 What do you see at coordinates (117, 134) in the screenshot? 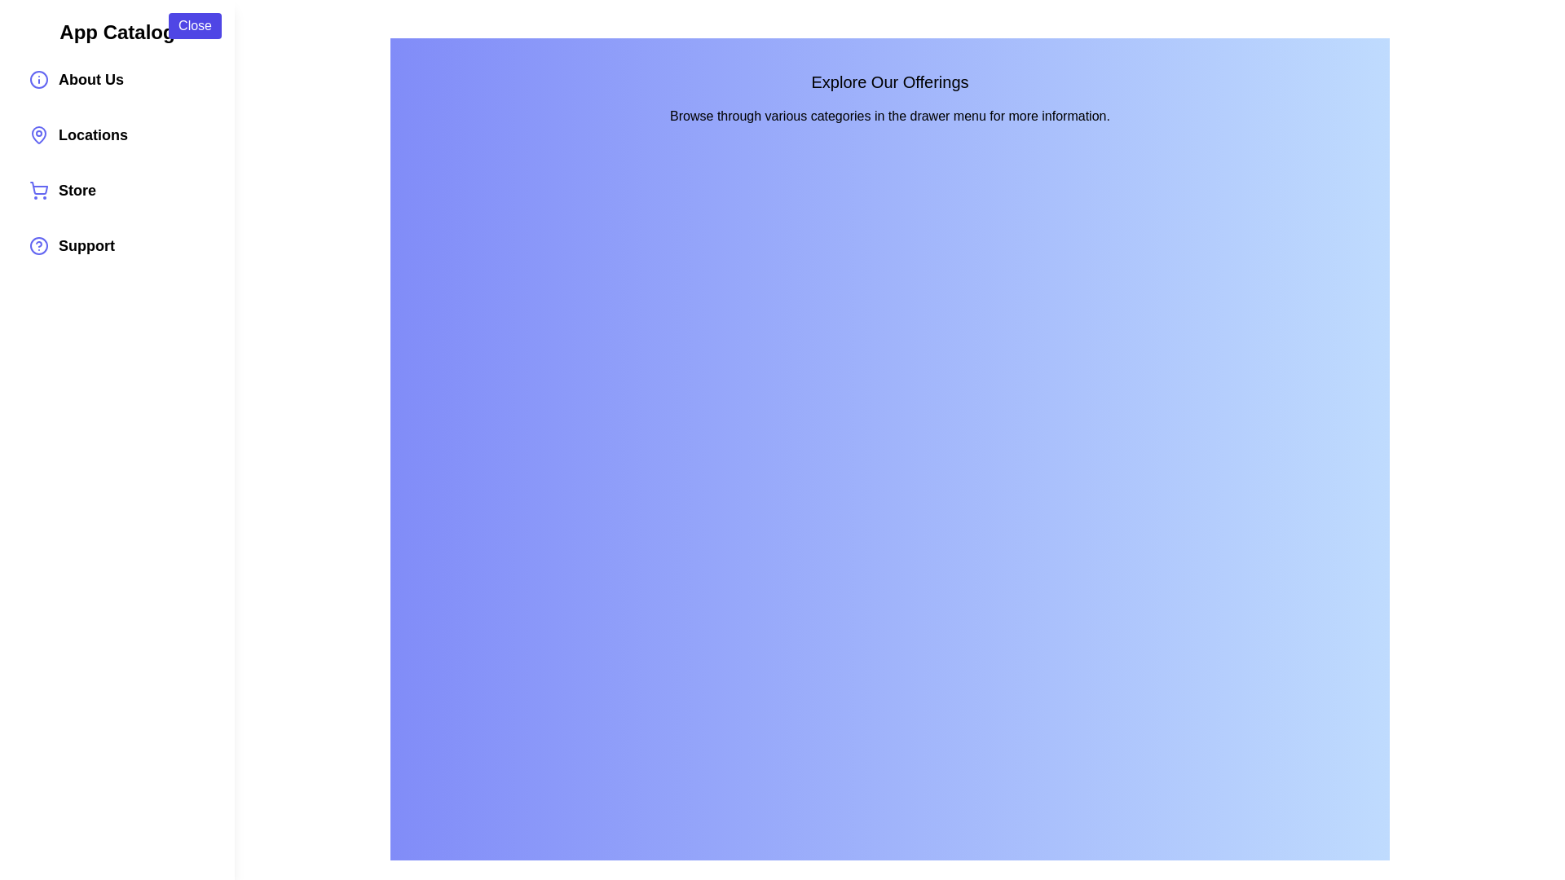
I see `the category item Locations to see its hover effect` at bounding box center [117, 134].